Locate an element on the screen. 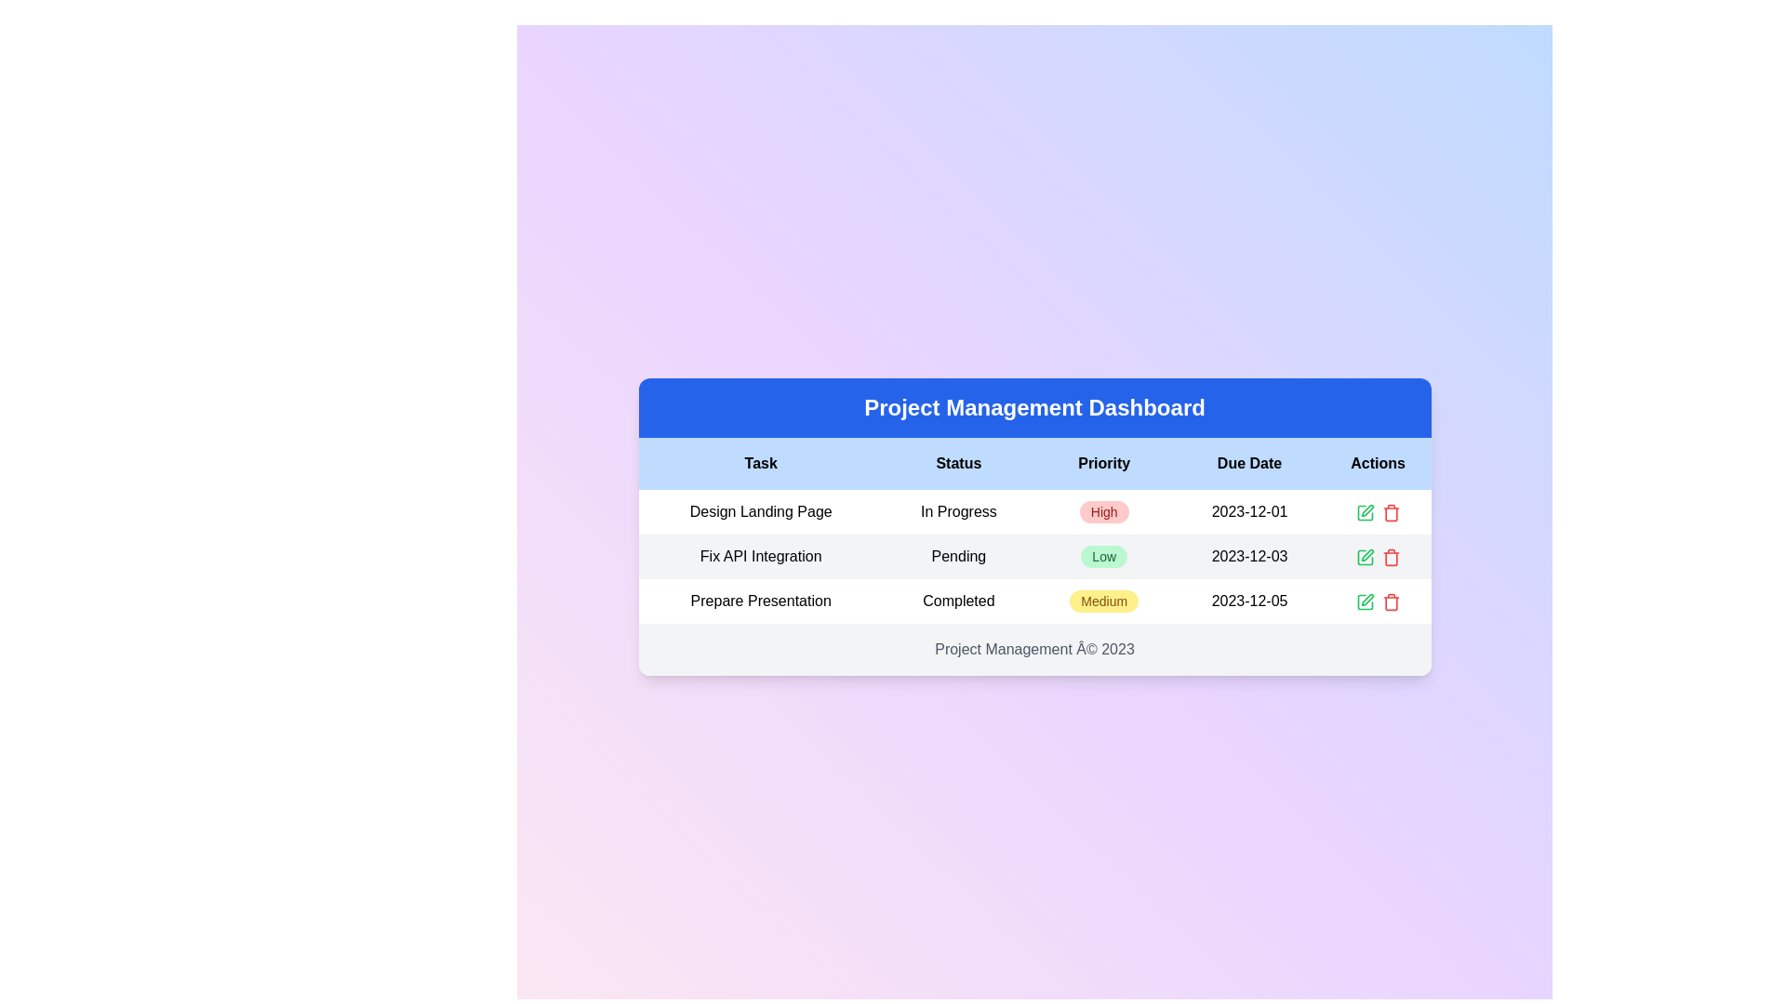 The height and width of the screenshot is (1004, 1786). the third row in the project management dashboard table that displays task information for 'Prepare Presentation' is located at coordinates (1033, 601).